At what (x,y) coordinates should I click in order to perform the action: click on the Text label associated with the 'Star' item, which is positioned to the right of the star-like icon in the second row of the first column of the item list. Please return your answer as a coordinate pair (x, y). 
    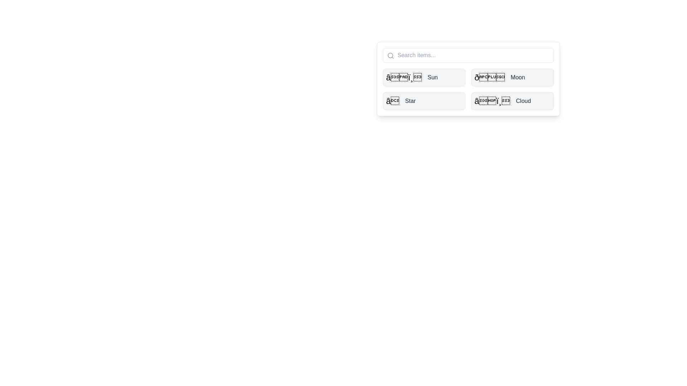
    Looking at the image, I should click on (410, 101).